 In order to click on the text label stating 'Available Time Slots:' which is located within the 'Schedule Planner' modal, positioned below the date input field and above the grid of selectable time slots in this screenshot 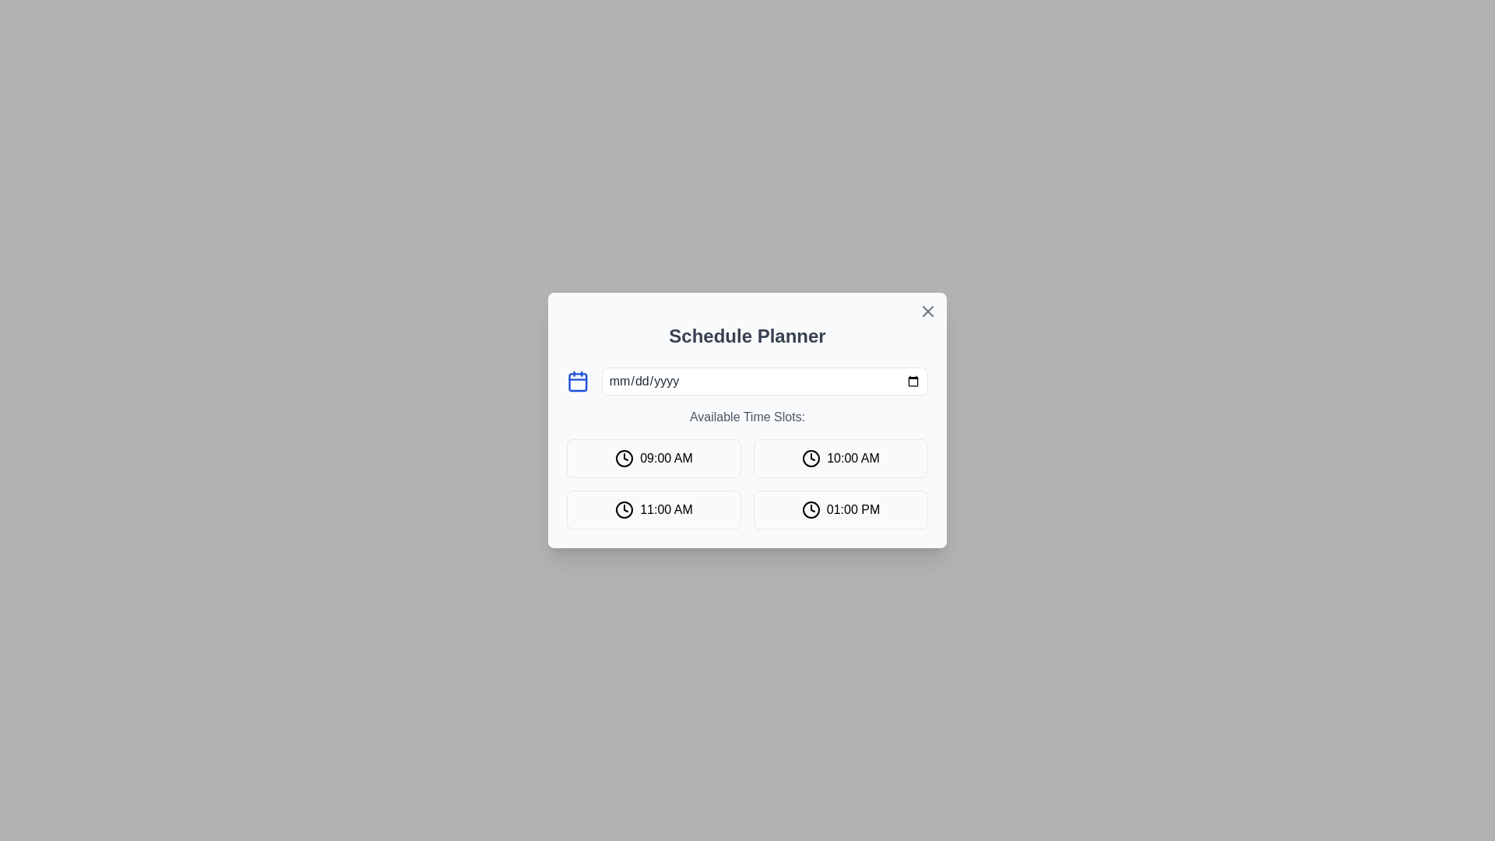, I will do `click(747, 417)`.